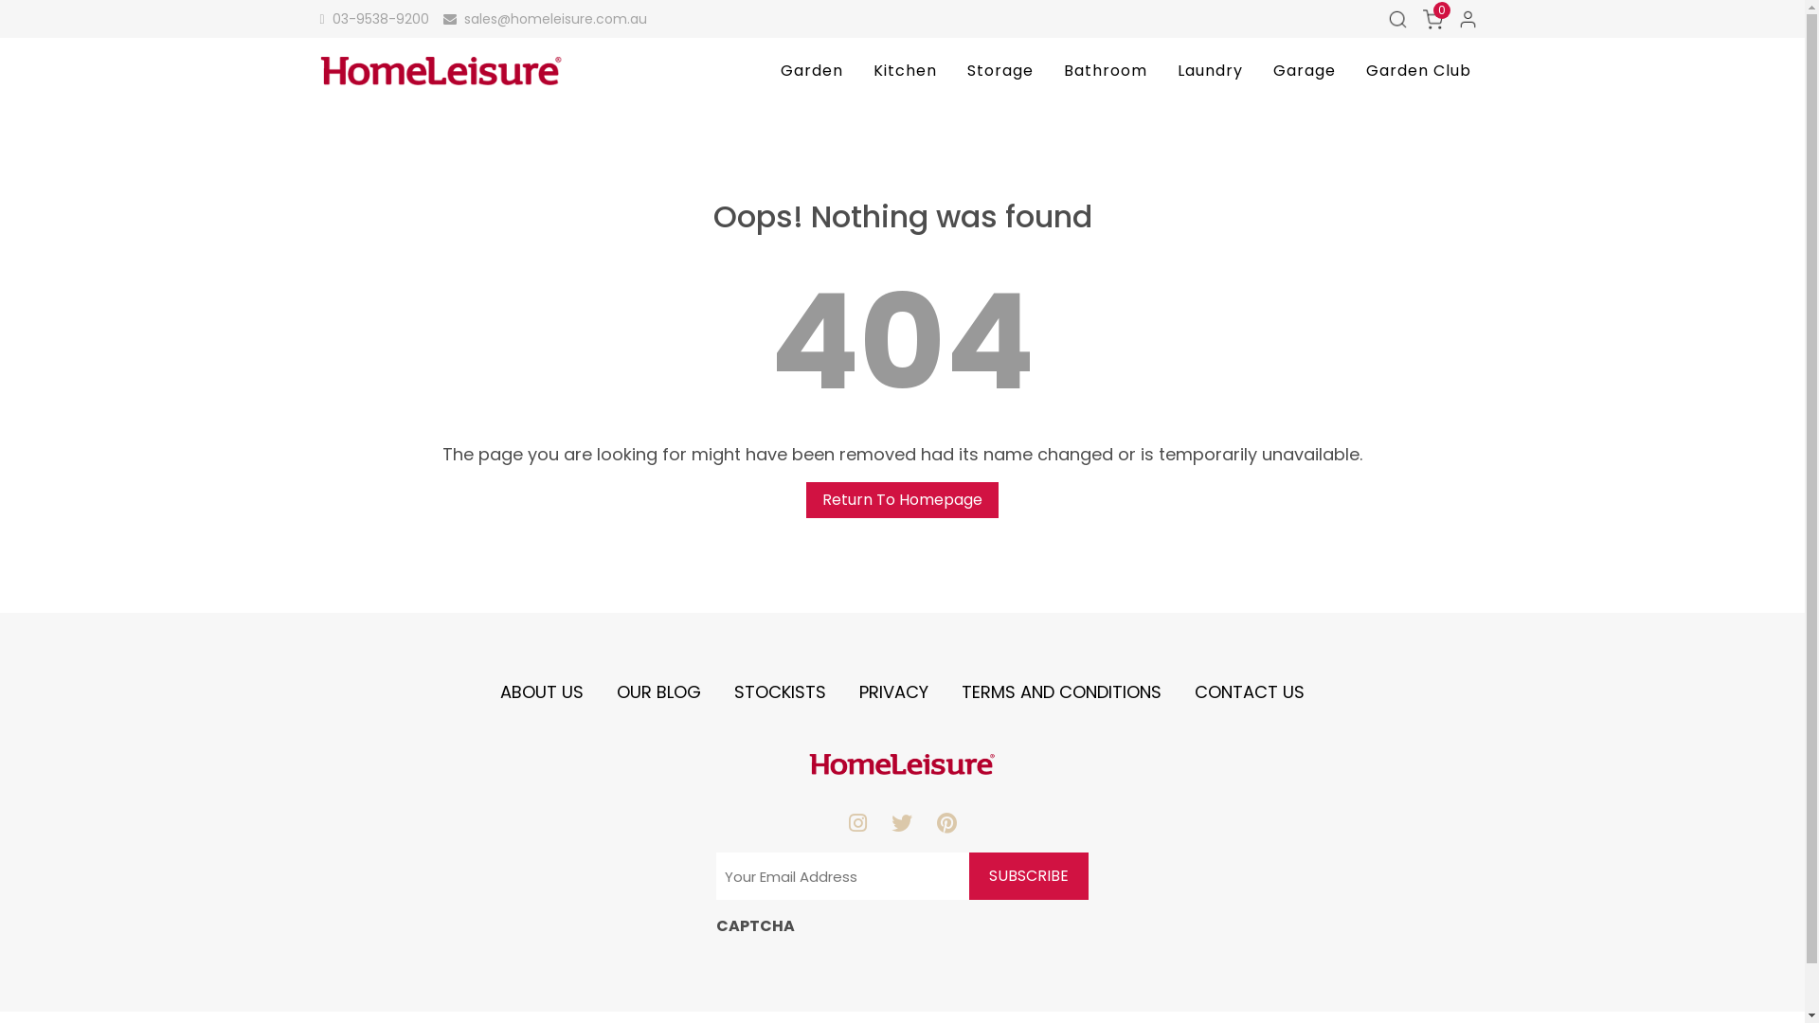  I want to click on 'TERMS AND CONDITIONS', so click(961, 691).